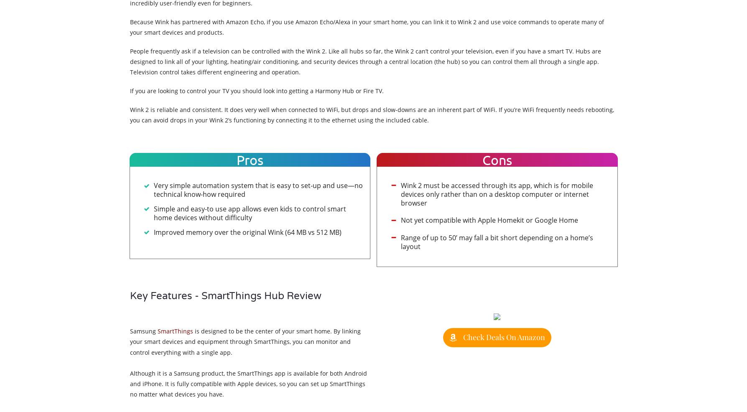  What do you see at coordinates (247, 231) in the screenshot?
I see `'Improved memory over the original Wink (64 MB vs 512 MB)'` at bounding box center [247, 231].